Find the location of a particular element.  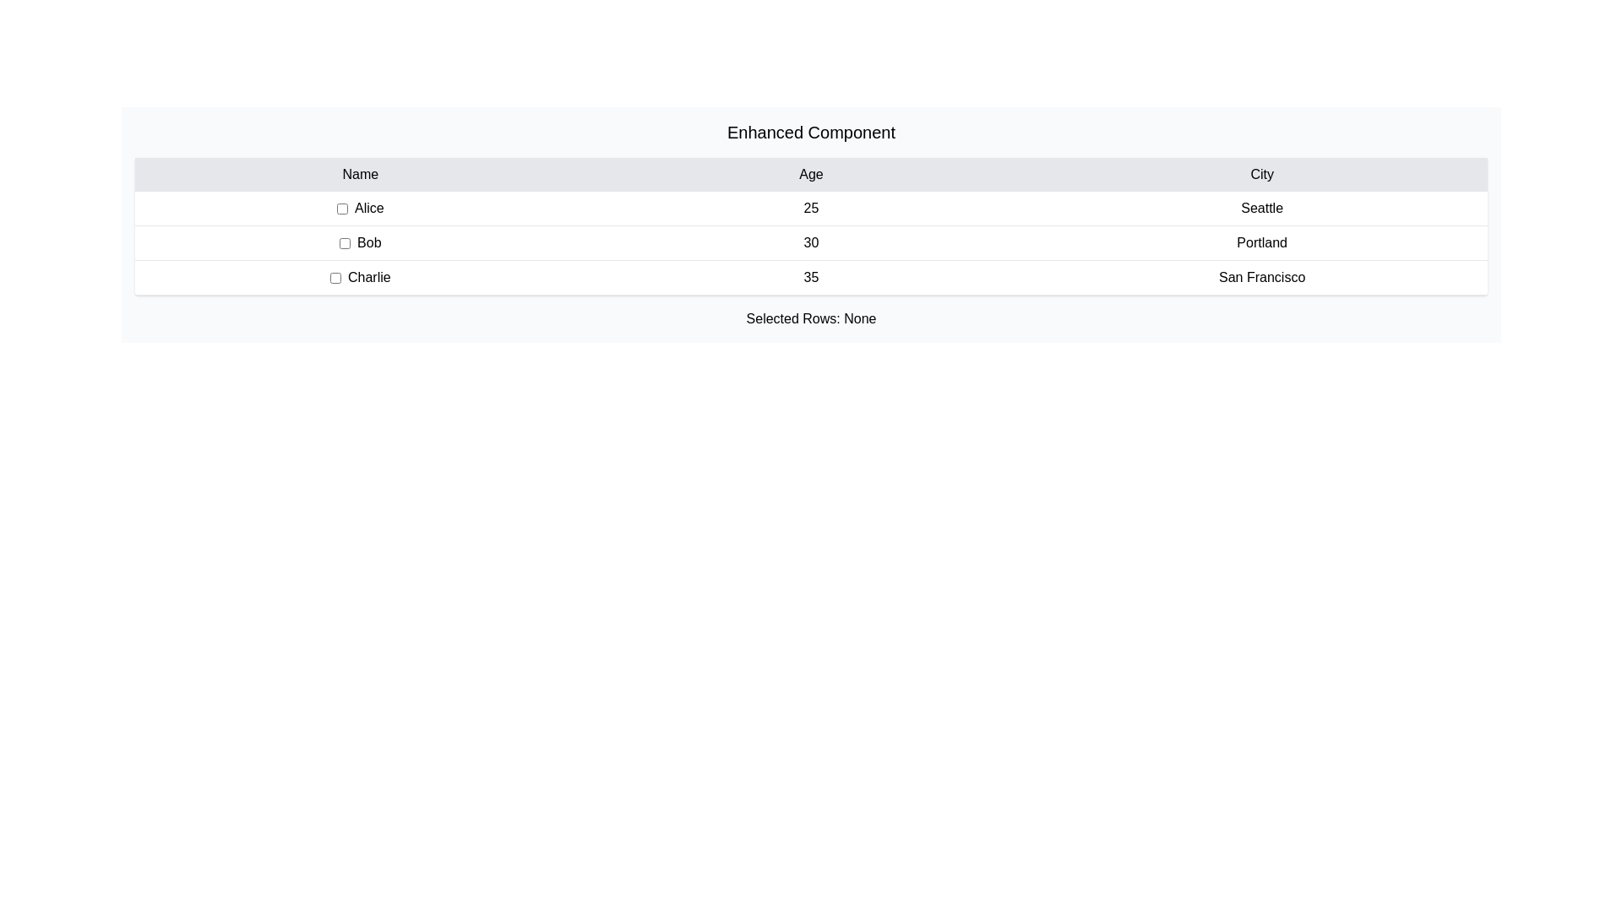

the second row of the table containing 'Bob', '30', and 'Portland' to view the context menu is located at coordinates (811, 243).